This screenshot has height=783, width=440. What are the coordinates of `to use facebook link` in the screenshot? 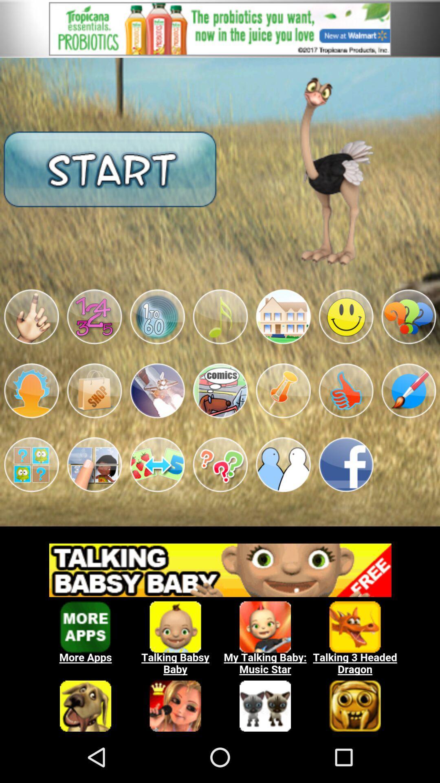 It's located at (346, 464).